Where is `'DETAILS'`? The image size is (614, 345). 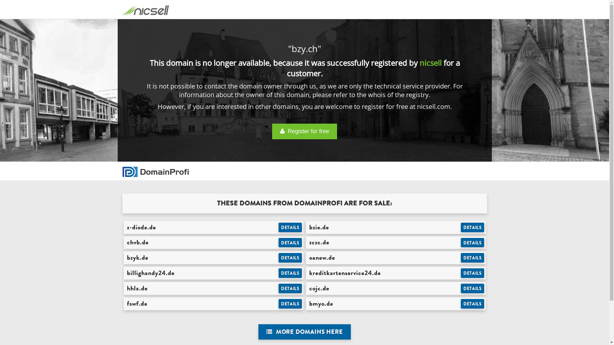 'DETAILS' is located at coordinates (472, 227).